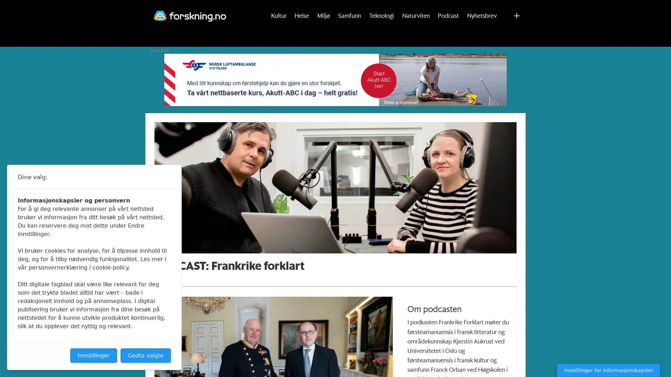 This screenshot has height=377, width=671. Describe the element at coordinates (506, 8) in the screenshot. I see `logo for sciencenorway.no` at that location.